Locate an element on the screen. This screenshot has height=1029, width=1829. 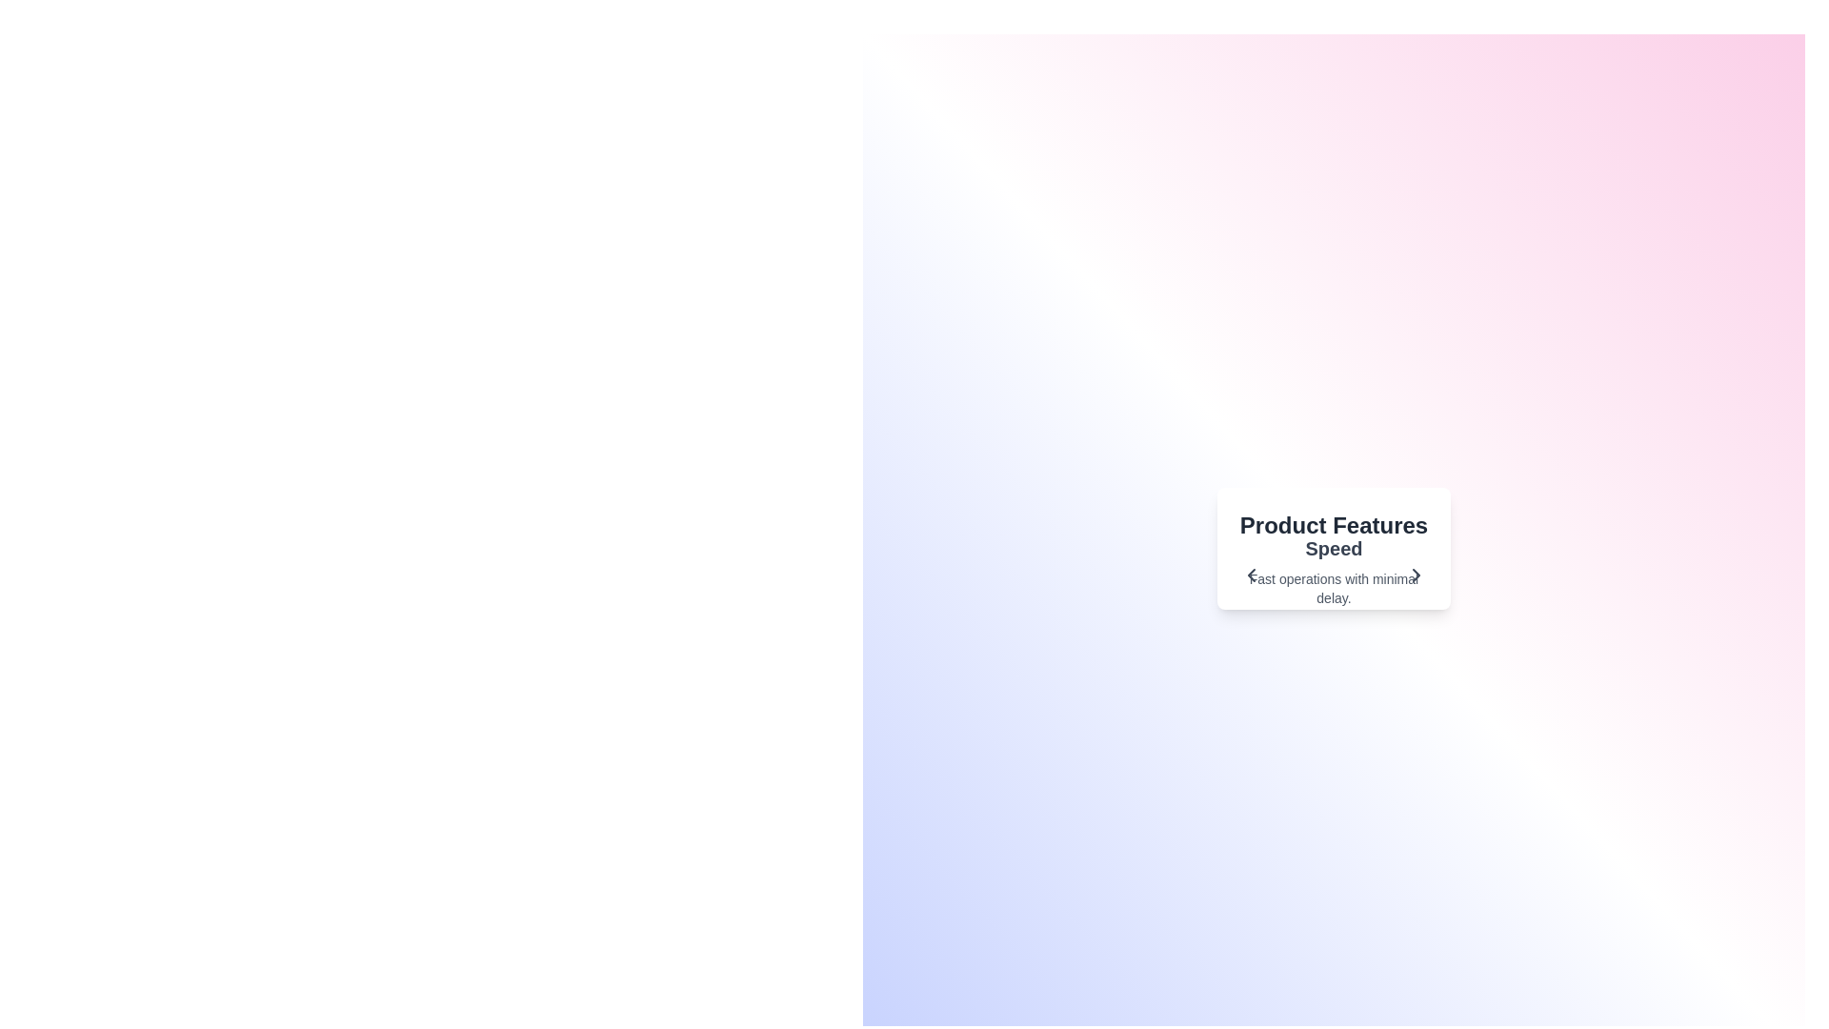
the text label element displaying 'Fast operations with minimal delay.' which is located at the bottom of a card-like section with a title 'Speed' above it is located at coordinates (1333, 587).